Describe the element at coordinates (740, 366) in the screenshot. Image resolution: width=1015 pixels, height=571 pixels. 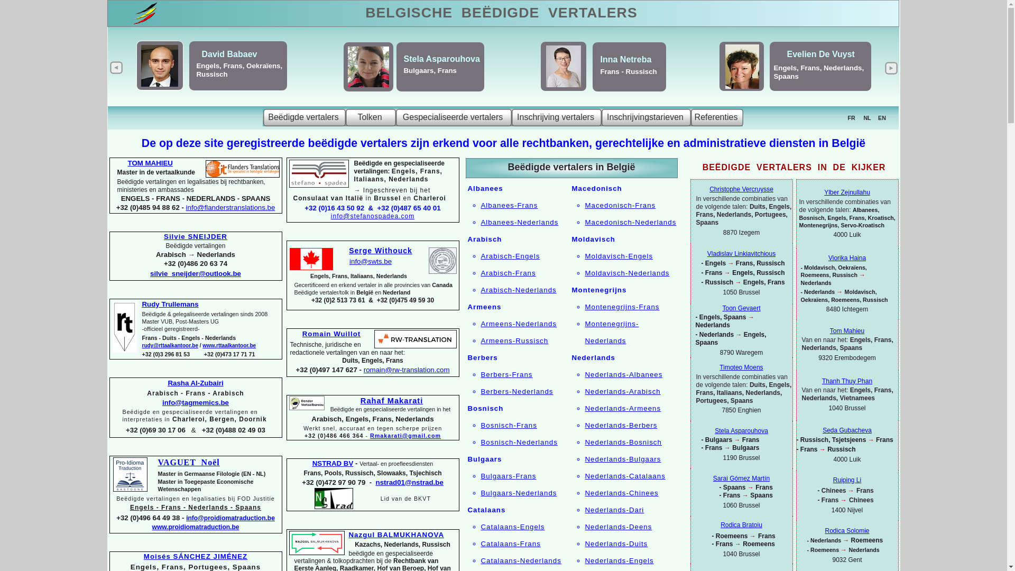
I see `'Timoteo Moens'` at that location.